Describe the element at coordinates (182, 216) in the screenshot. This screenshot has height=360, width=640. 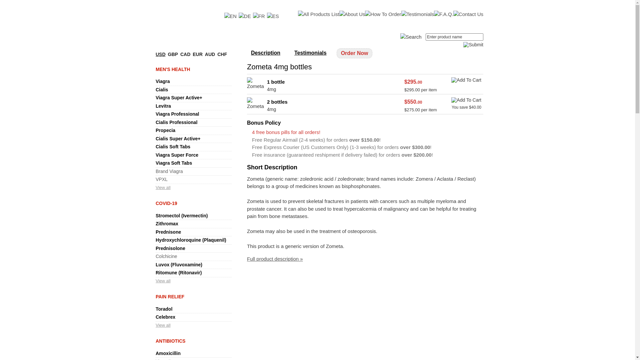
I see `'Stromectol (Ivermectin)'` at that location.